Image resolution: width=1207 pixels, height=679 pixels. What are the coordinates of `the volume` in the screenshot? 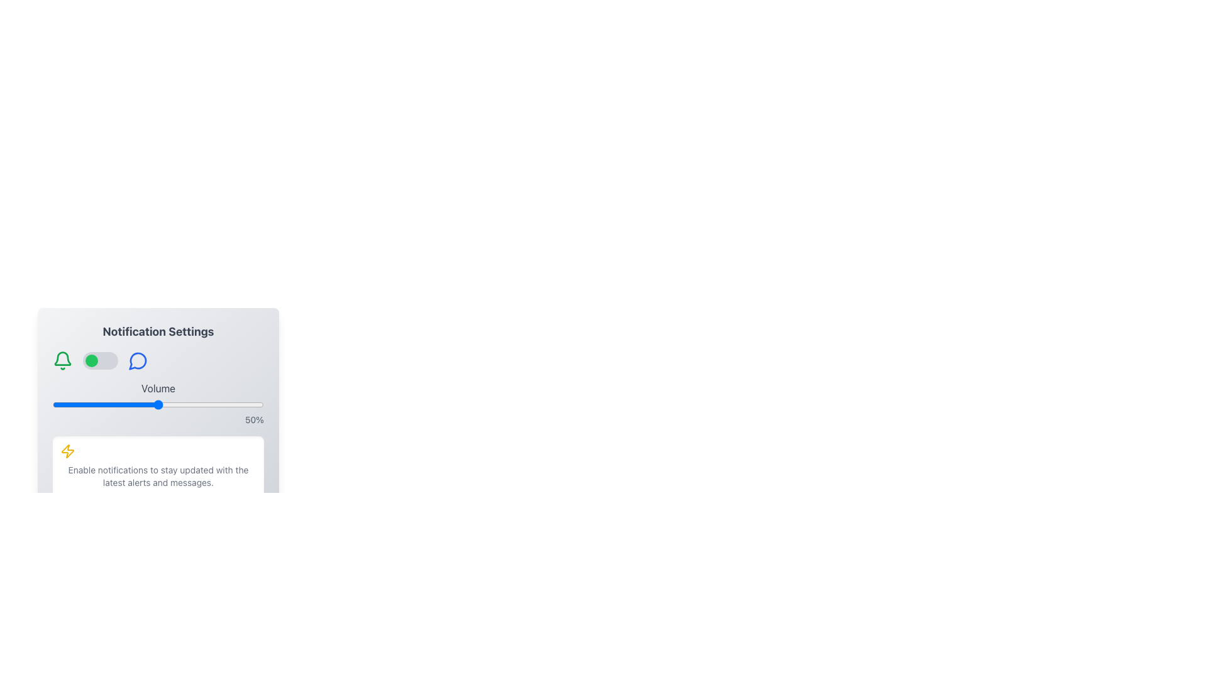 It's located at (249, 405).